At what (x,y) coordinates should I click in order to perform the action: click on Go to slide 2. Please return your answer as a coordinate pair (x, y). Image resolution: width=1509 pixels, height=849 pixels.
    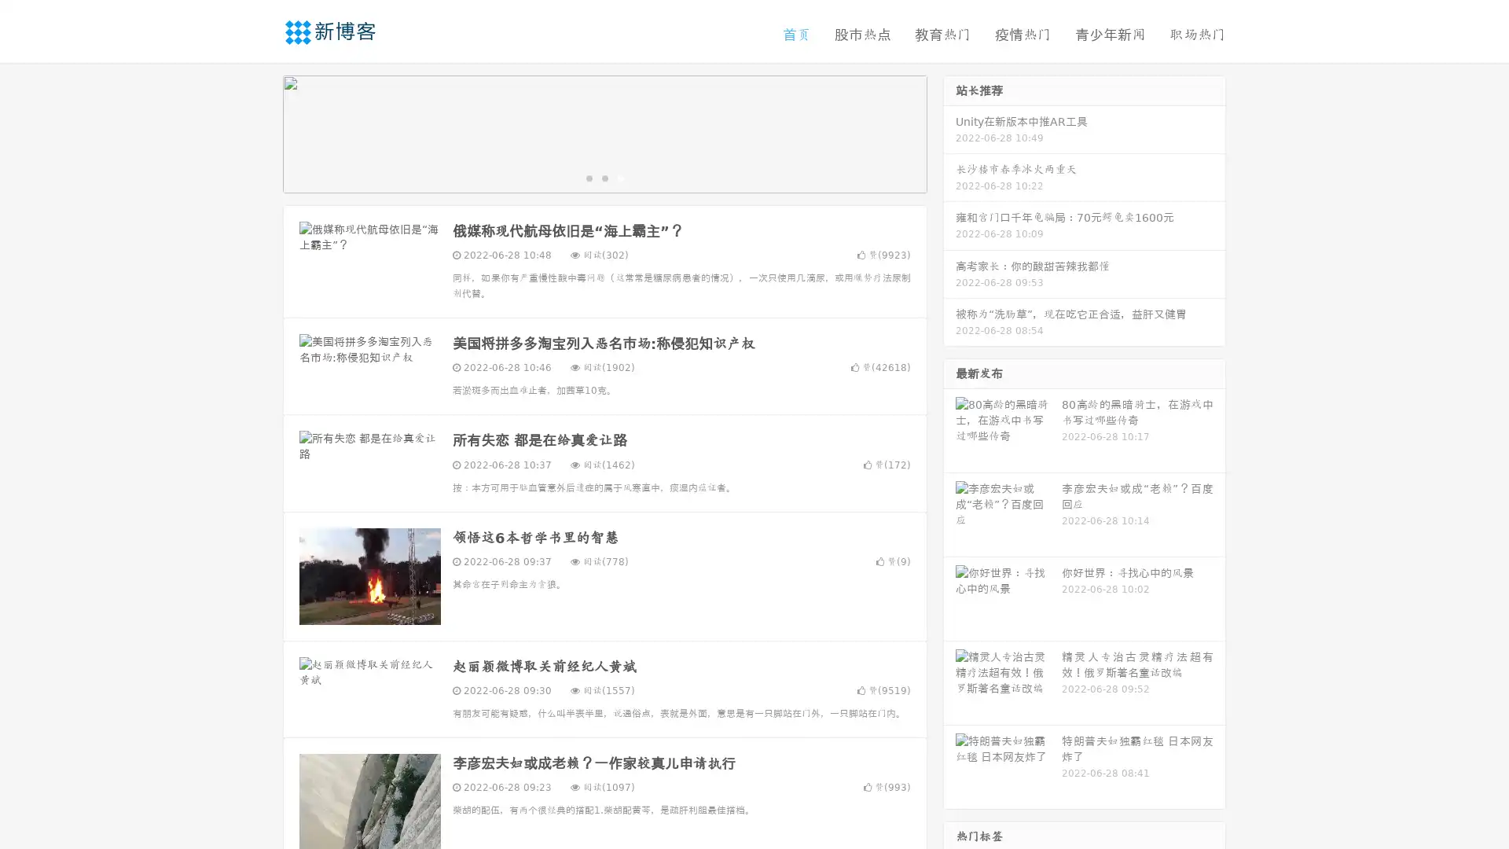
    Looking at the image, I should click on (604, 177).